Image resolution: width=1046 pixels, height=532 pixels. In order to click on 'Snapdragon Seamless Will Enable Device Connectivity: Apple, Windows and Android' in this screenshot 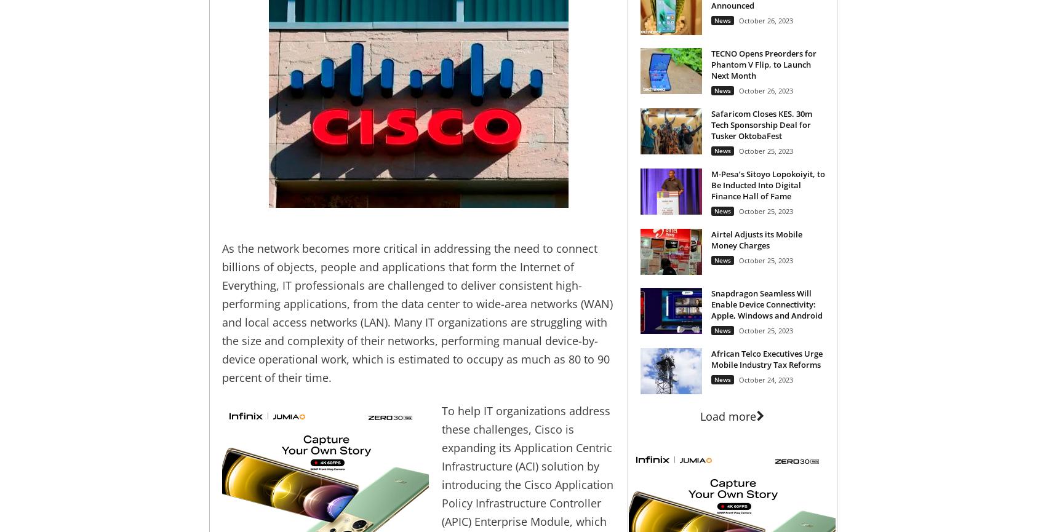, I will do `click(765, 303)`.